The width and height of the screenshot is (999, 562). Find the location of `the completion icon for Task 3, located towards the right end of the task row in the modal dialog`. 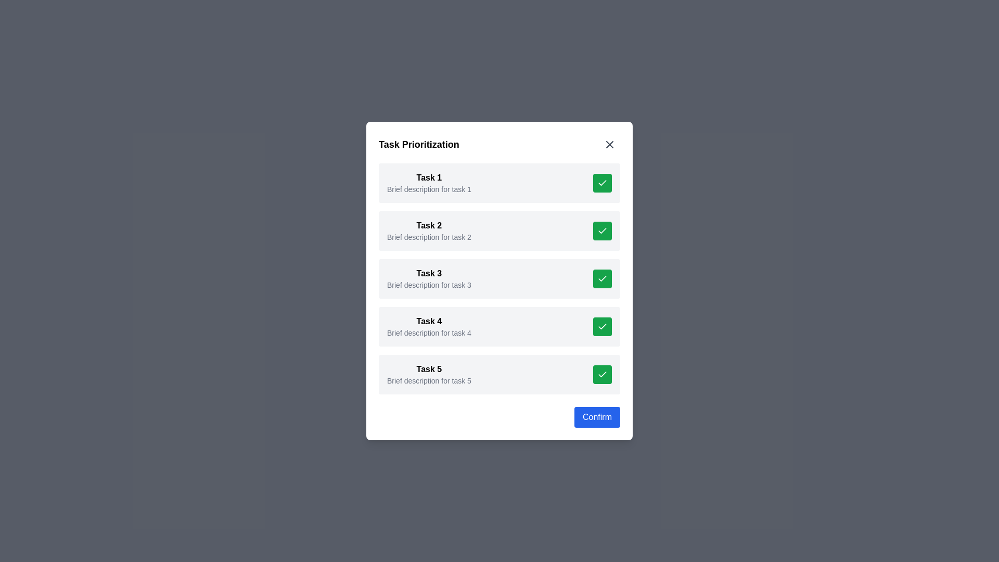

the completion icon for Task 3, located towards the right end of the task row in the modal dialog is located at coordinates (602, 278).